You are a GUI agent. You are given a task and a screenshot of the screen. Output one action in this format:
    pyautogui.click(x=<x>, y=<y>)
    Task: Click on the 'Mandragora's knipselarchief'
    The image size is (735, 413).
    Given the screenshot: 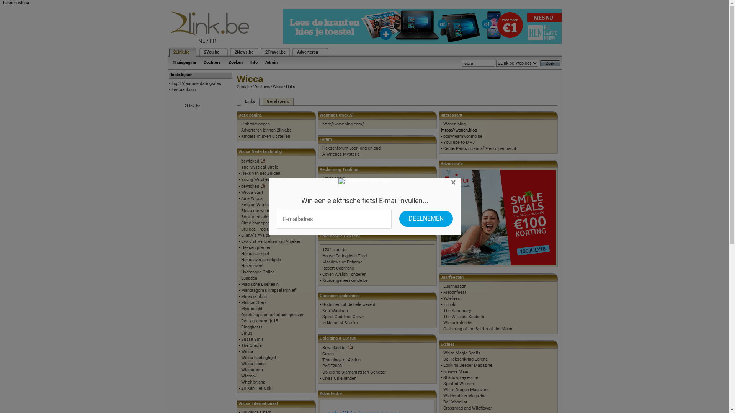 What is the action you would take?
    pyautogui.click(x=268, y=290)
    